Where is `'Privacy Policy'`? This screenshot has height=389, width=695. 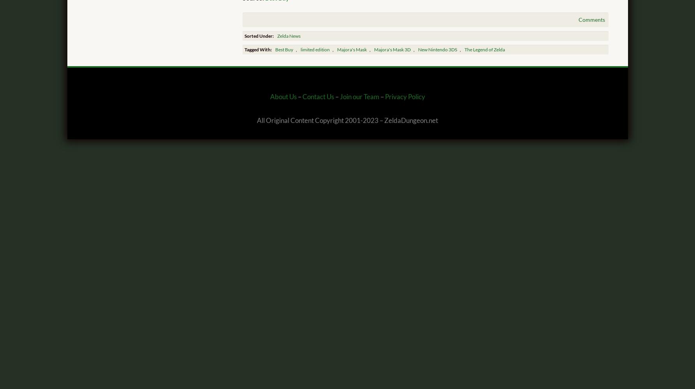 'Privacy Policy' is located at coordinates (405, 96).